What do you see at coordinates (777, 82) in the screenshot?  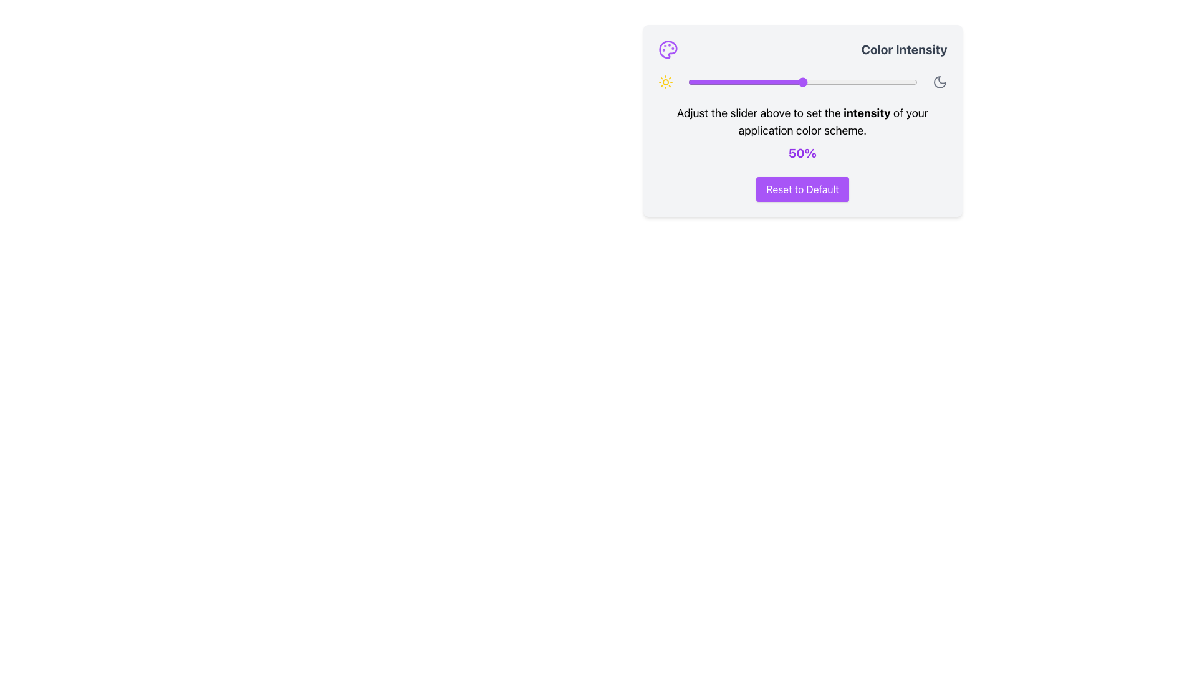 I see `the color intensity` at bounding box center [777, 82].